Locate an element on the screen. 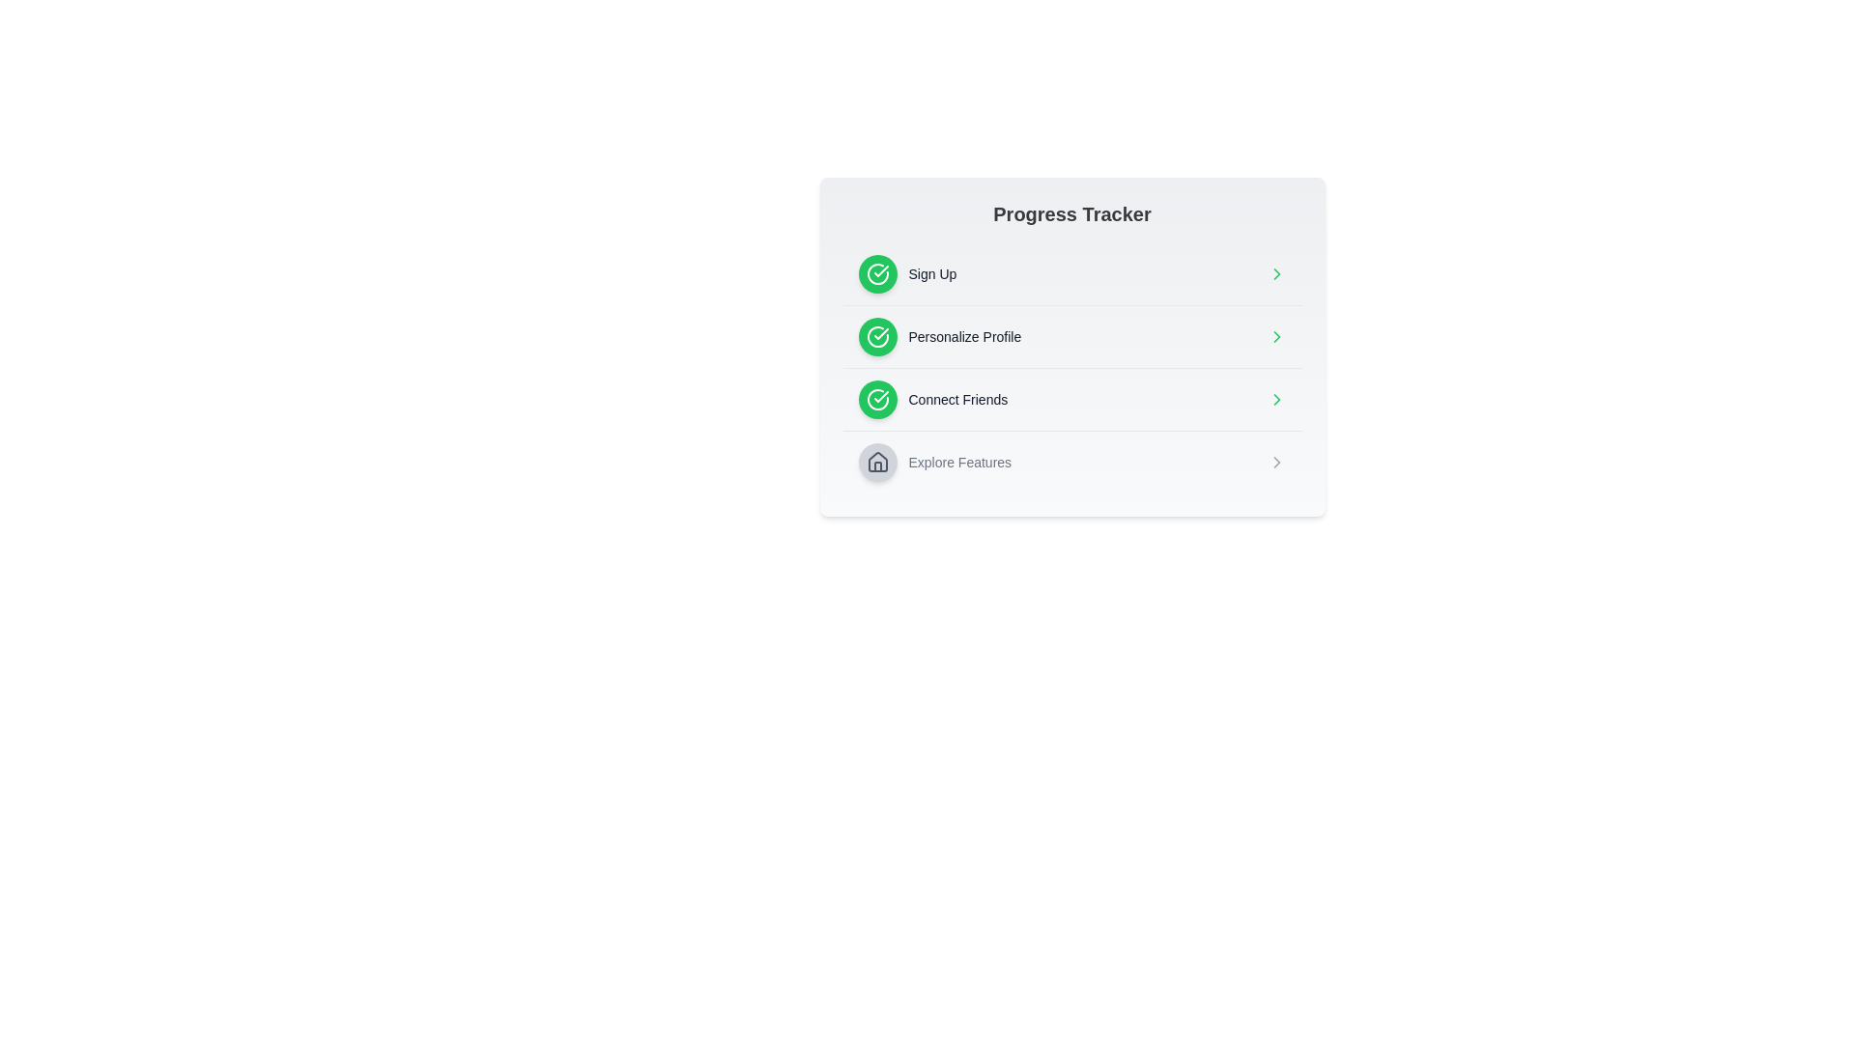 The image size is (1855, 1043). the directional indication of the chevron icon located on the right side of the 'Personalize Profile' progress tracker row is located at coordinates (1276, 335).